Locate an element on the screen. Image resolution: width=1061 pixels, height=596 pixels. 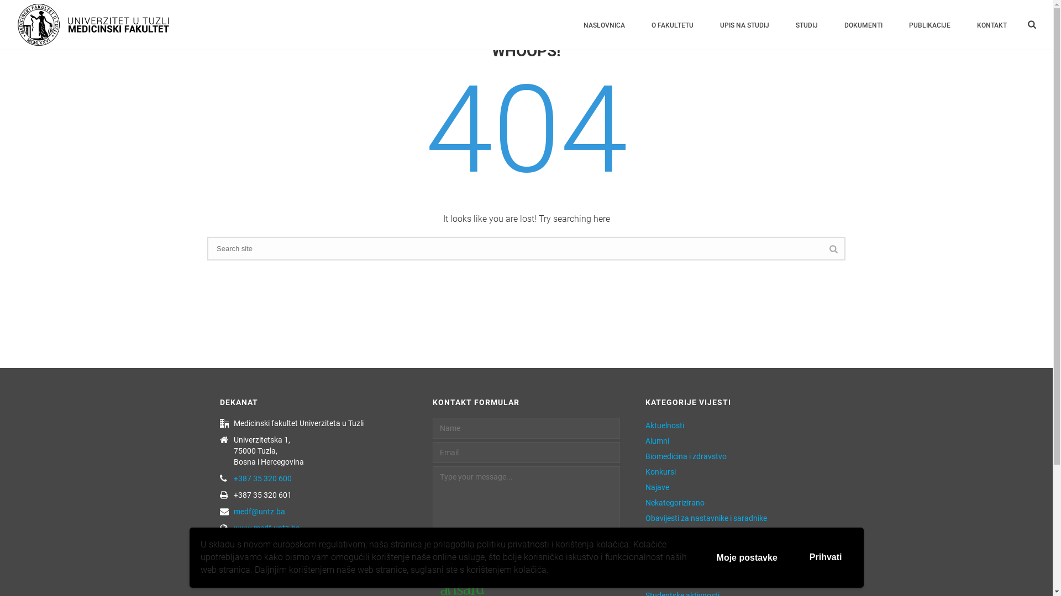
'Najave' is located at coordinates (657, 487).